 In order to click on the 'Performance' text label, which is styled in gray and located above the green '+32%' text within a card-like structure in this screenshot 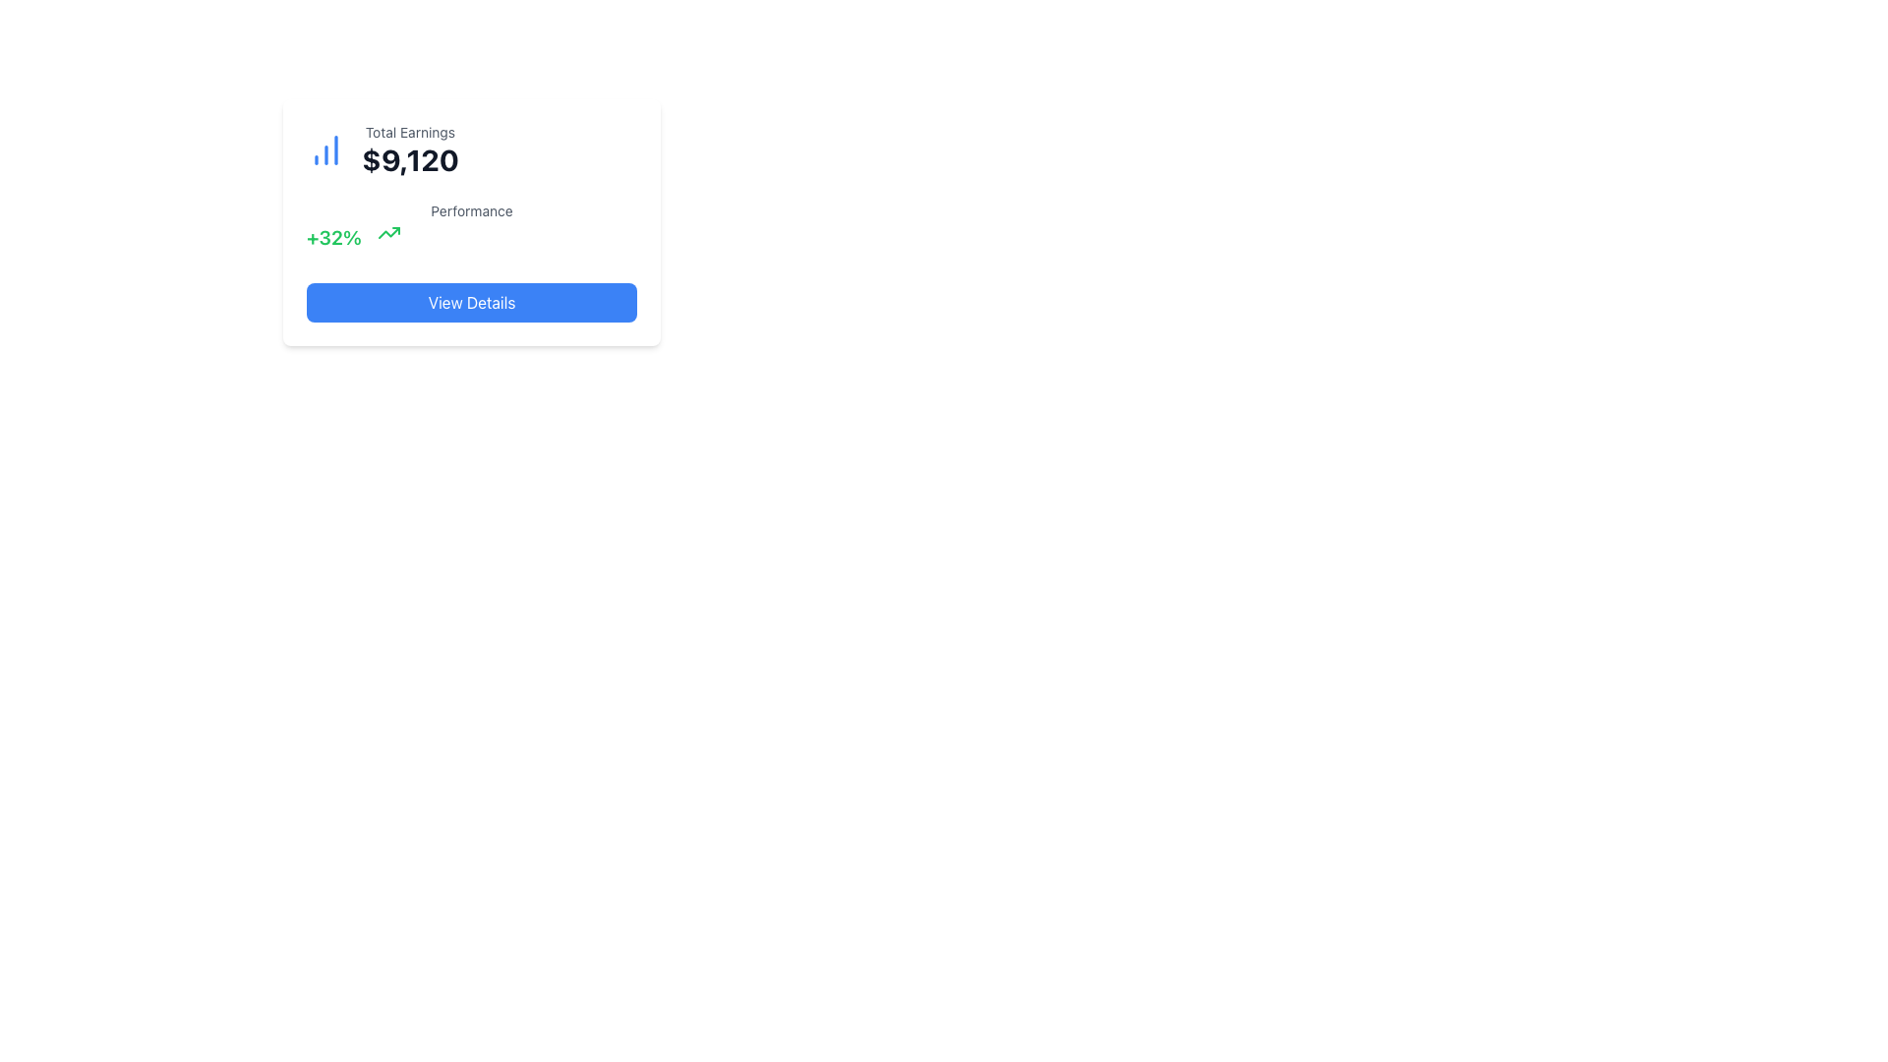, I will do `click(472, 211)`.